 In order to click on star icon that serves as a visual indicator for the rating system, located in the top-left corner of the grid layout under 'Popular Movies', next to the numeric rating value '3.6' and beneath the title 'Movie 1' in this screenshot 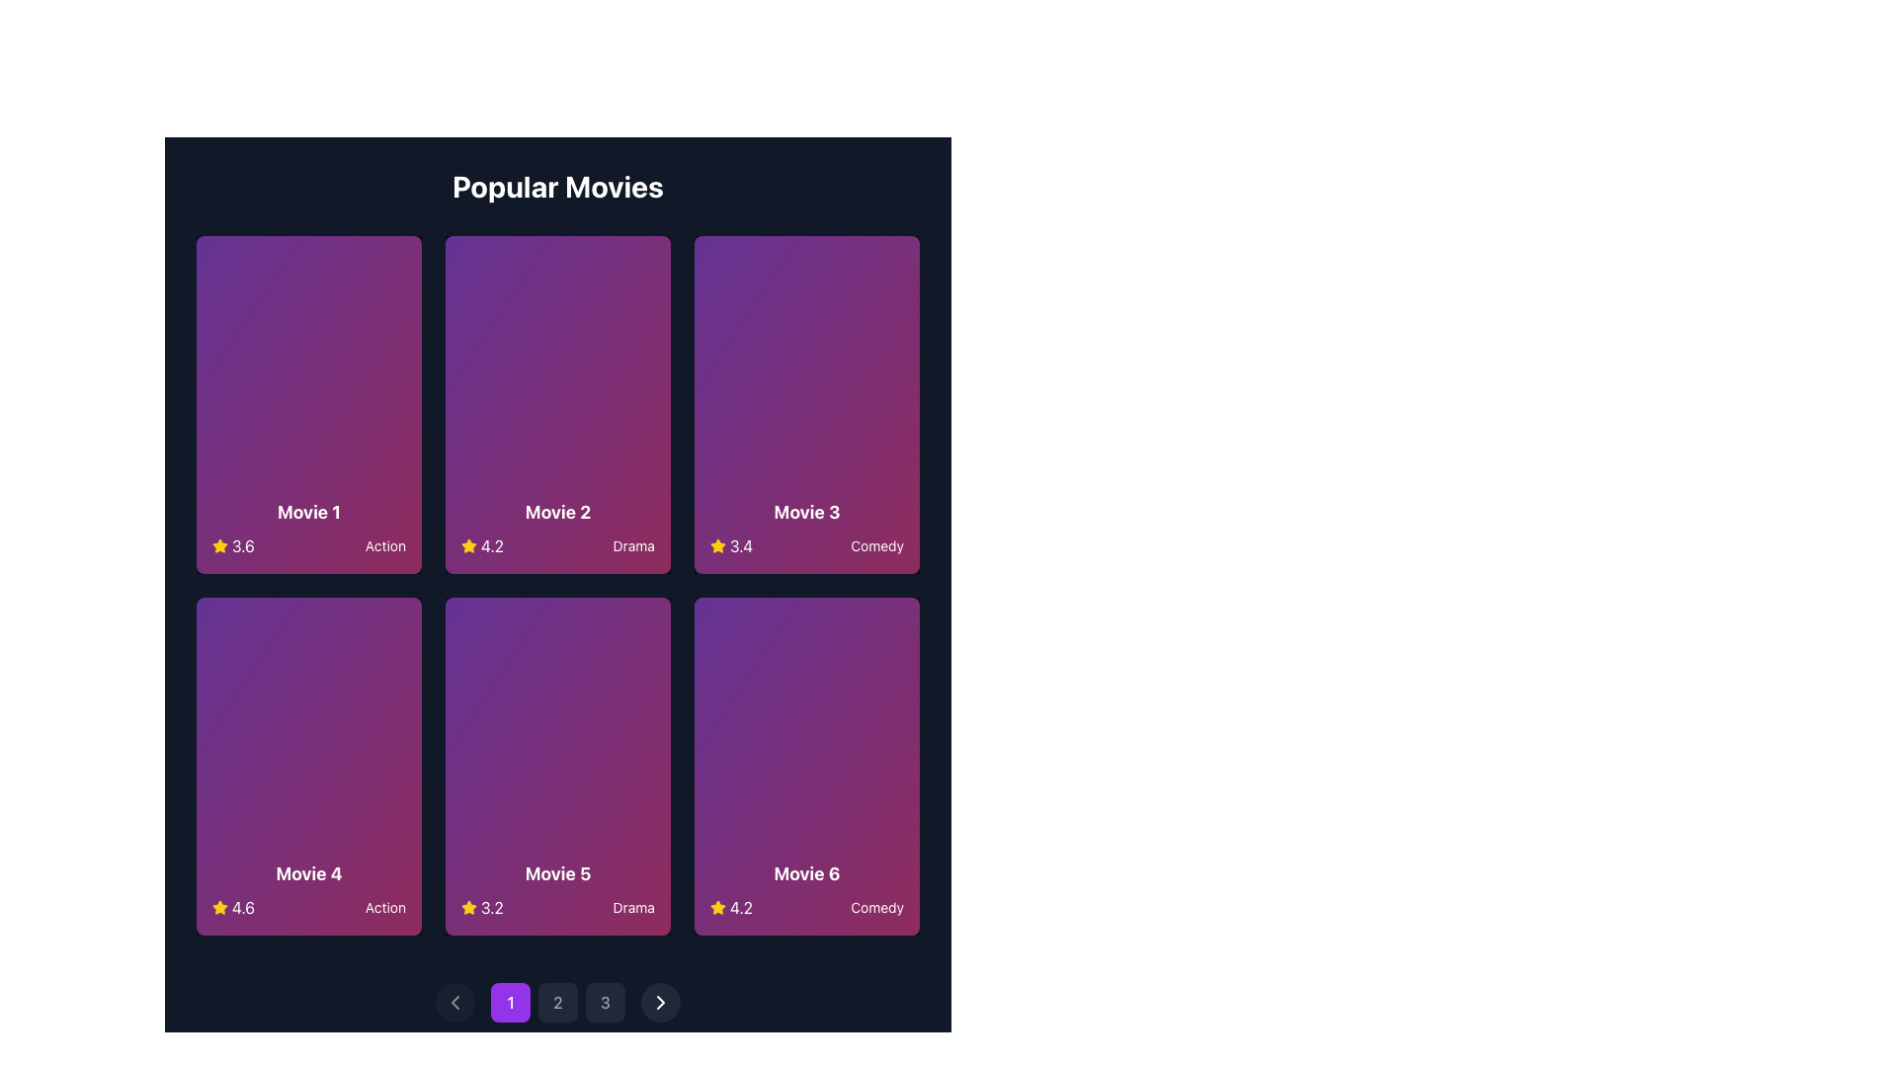, I will do `click(219, 545)`.